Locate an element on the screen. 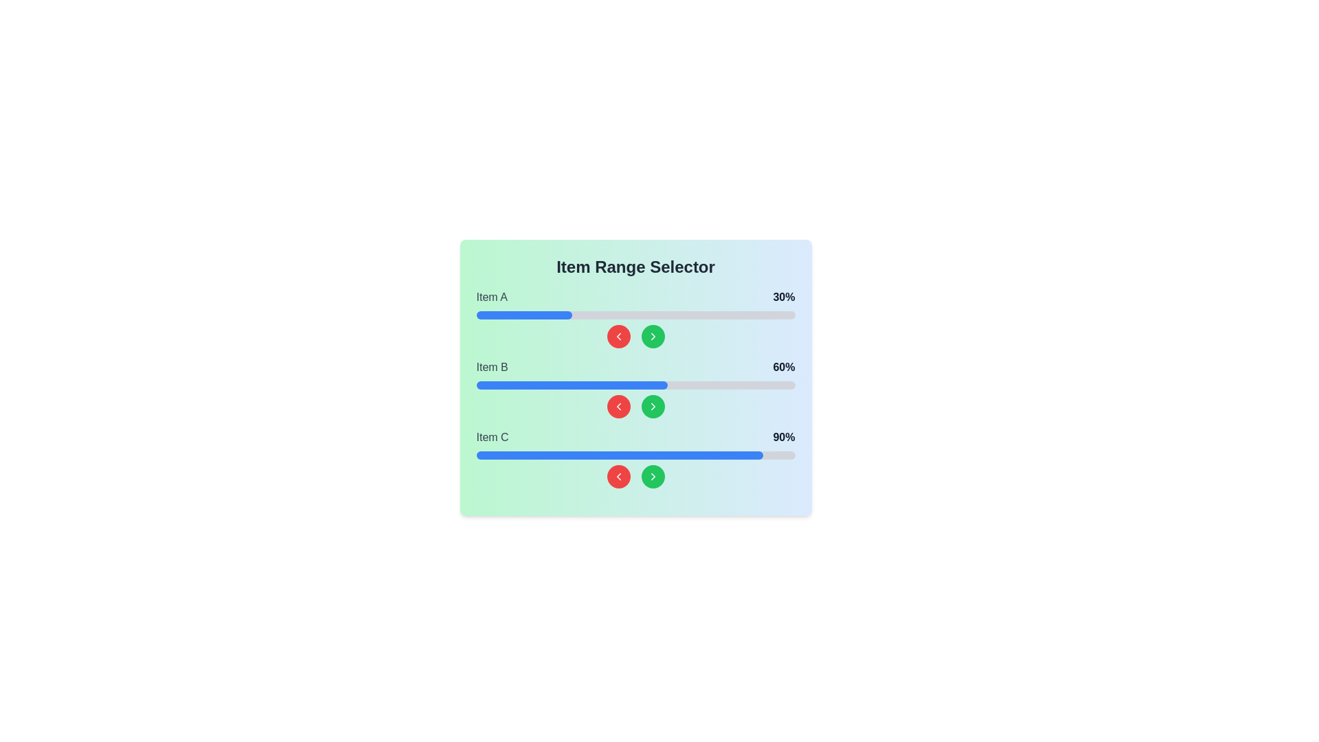  percentage values displayed in the 'Item Range Selector' component, which contains progress indicators for 'Item A', 'Item B', and 'Item C' is located at coordinates (635, 378).